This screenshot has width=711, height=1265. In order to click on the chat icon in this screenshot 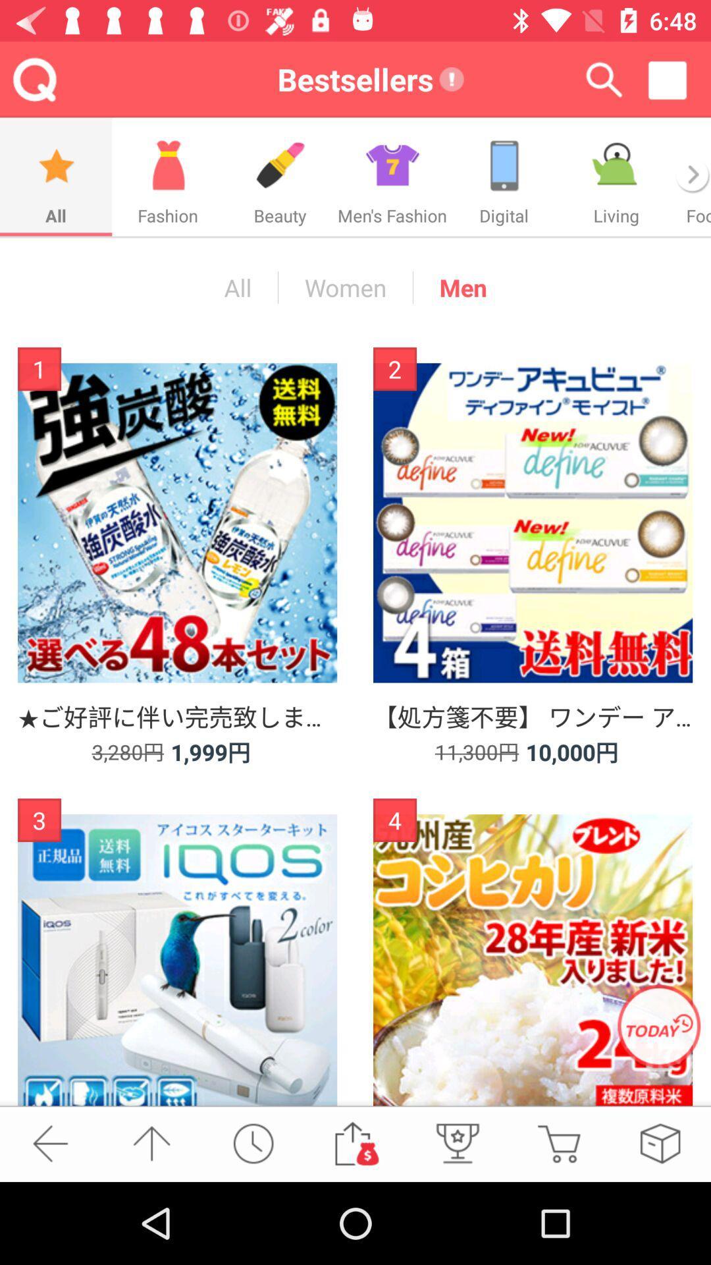, I will do `click(616, 176)`.